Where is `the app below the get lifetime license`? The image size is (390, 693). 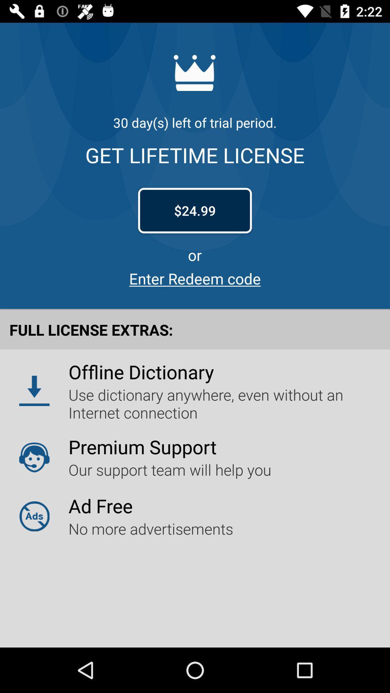 the app below the get lifetime license is located at coordinates (195, 210).